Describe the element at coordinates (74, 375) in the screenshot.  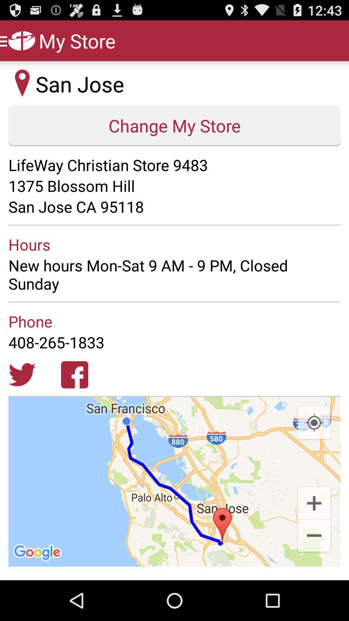
I see `facebook` at that location.